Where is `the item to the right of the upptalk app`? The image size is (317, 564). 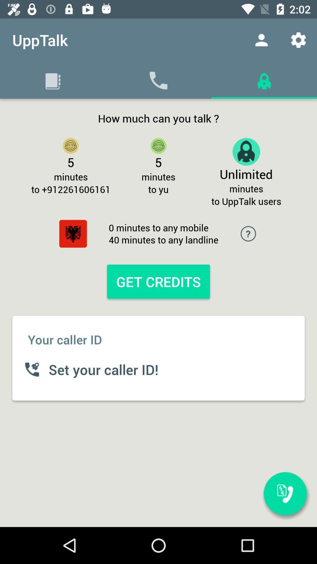 the item to the right of the upptalk app is located at coordinates (261, 40).